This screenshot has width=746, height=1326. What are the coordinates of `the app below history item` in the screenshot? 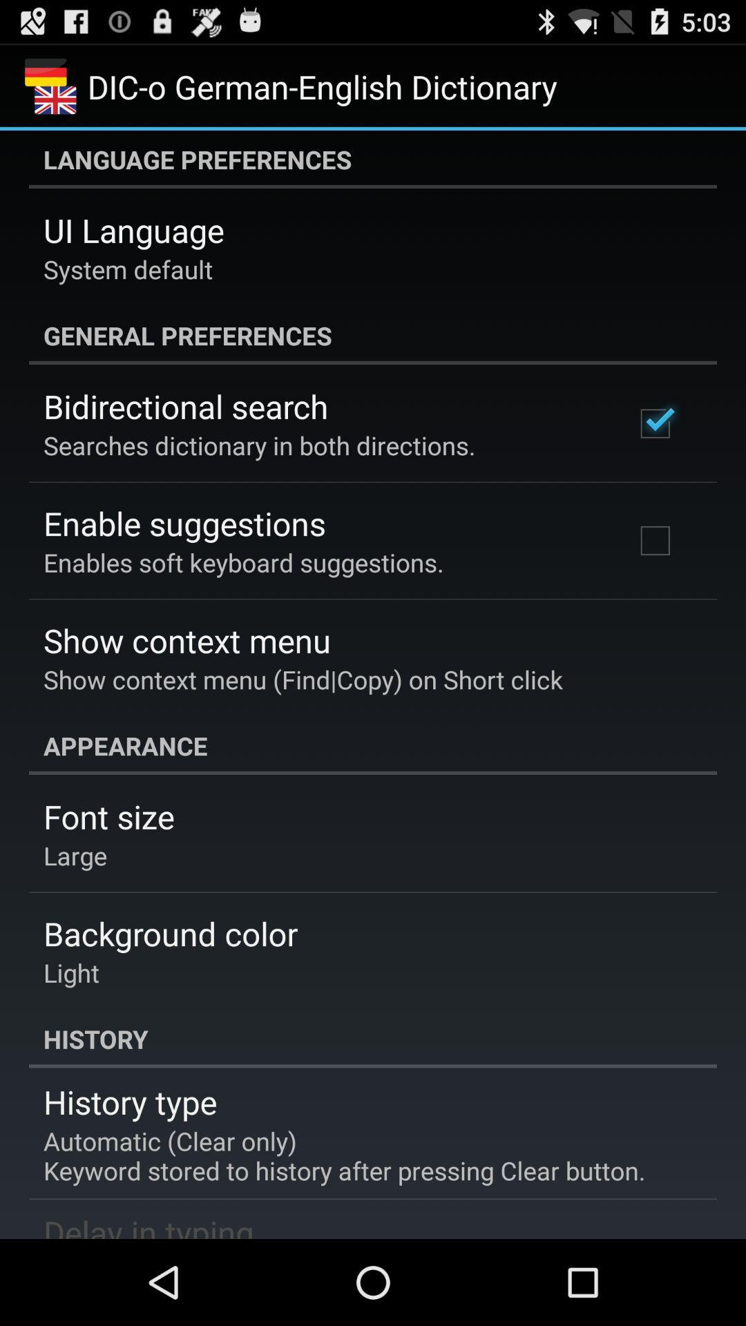 It's located at (130, 1101).